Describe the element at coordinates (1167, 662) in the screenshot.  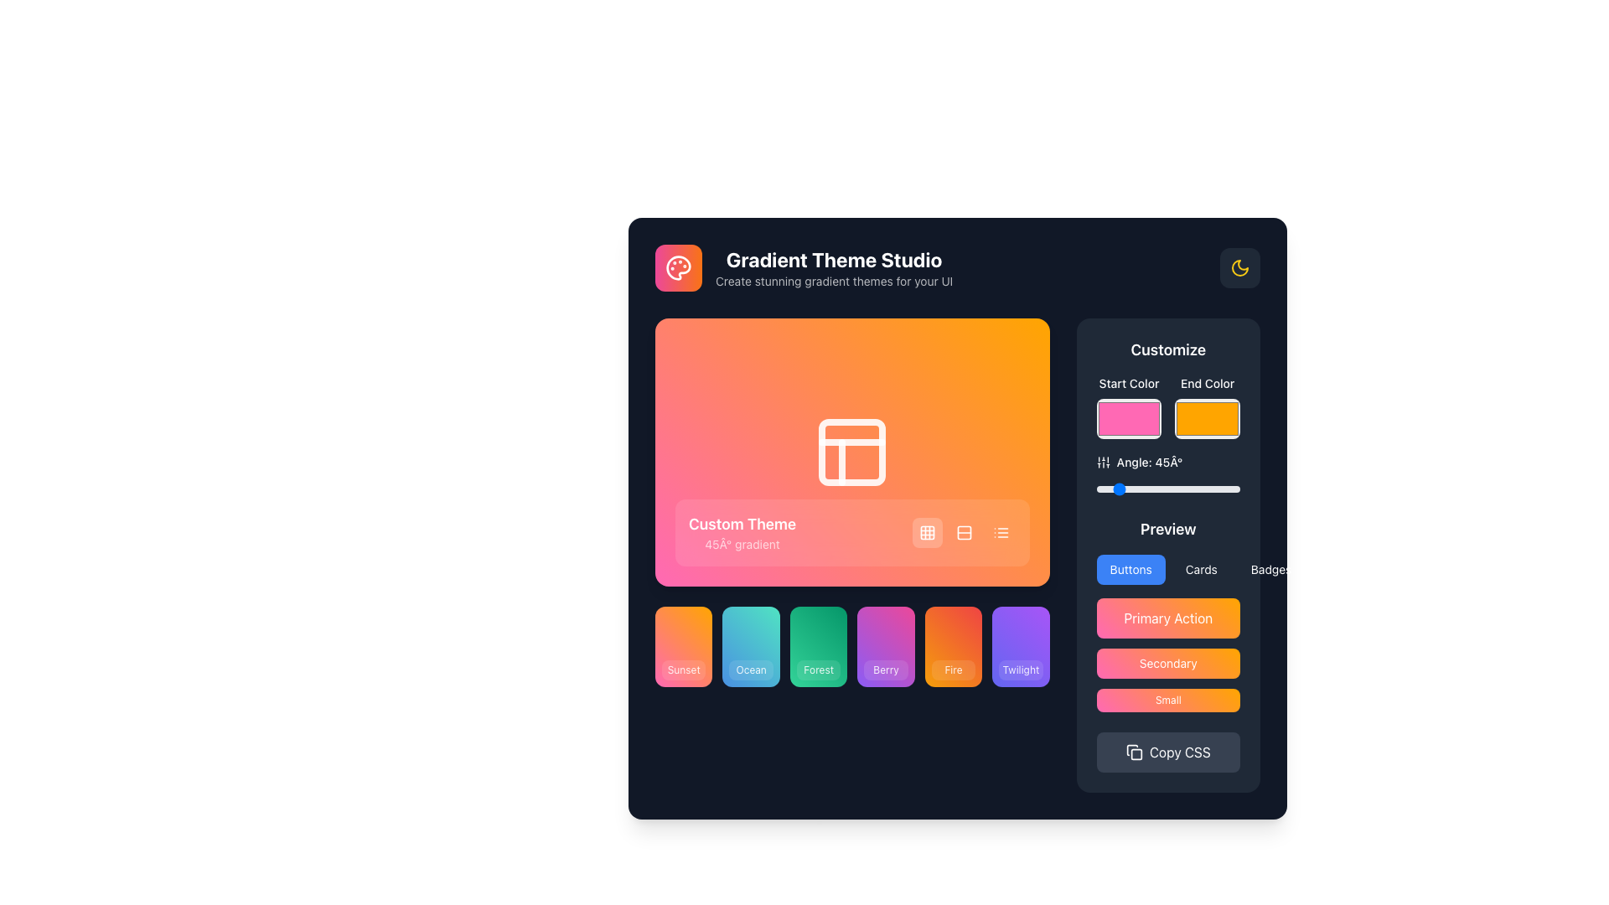
I see `the middle button in the vertically stacked group of three buttons located in the 'Preview' section` at that location.